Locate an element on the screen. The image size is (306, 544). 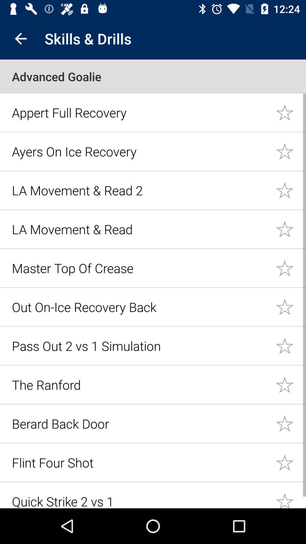
the icon above the advanced goalie item is located at coordinates (20, 38).